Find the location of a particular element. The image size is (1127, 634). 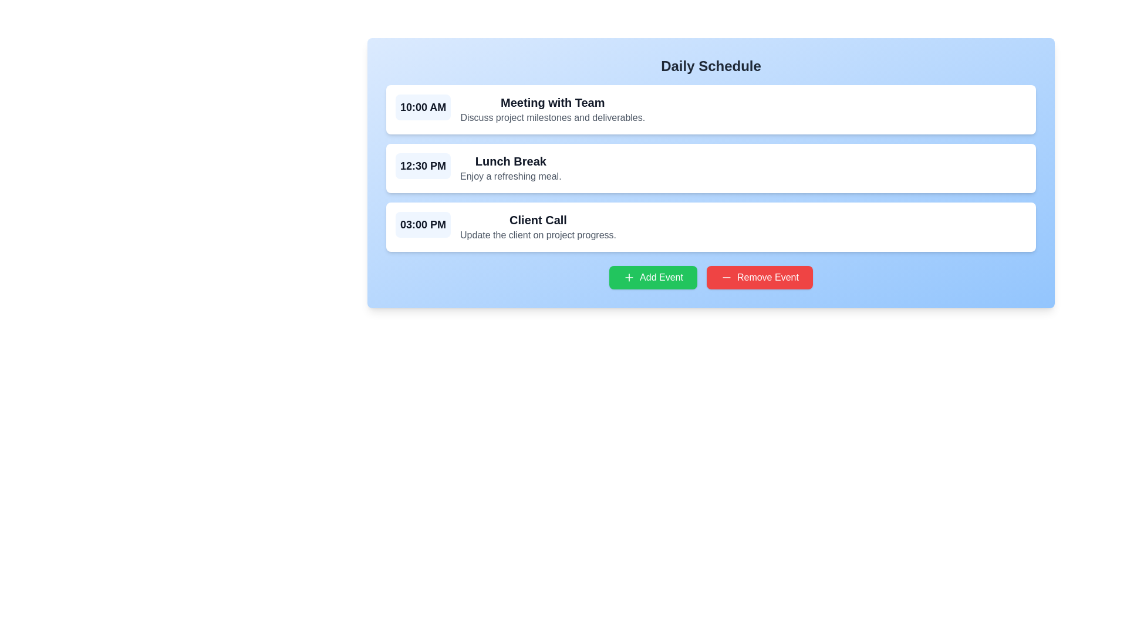

the text element that describes the event titled 'Client Call' located within the third card of the vertical stack layout is located at coordinates (537, 235).